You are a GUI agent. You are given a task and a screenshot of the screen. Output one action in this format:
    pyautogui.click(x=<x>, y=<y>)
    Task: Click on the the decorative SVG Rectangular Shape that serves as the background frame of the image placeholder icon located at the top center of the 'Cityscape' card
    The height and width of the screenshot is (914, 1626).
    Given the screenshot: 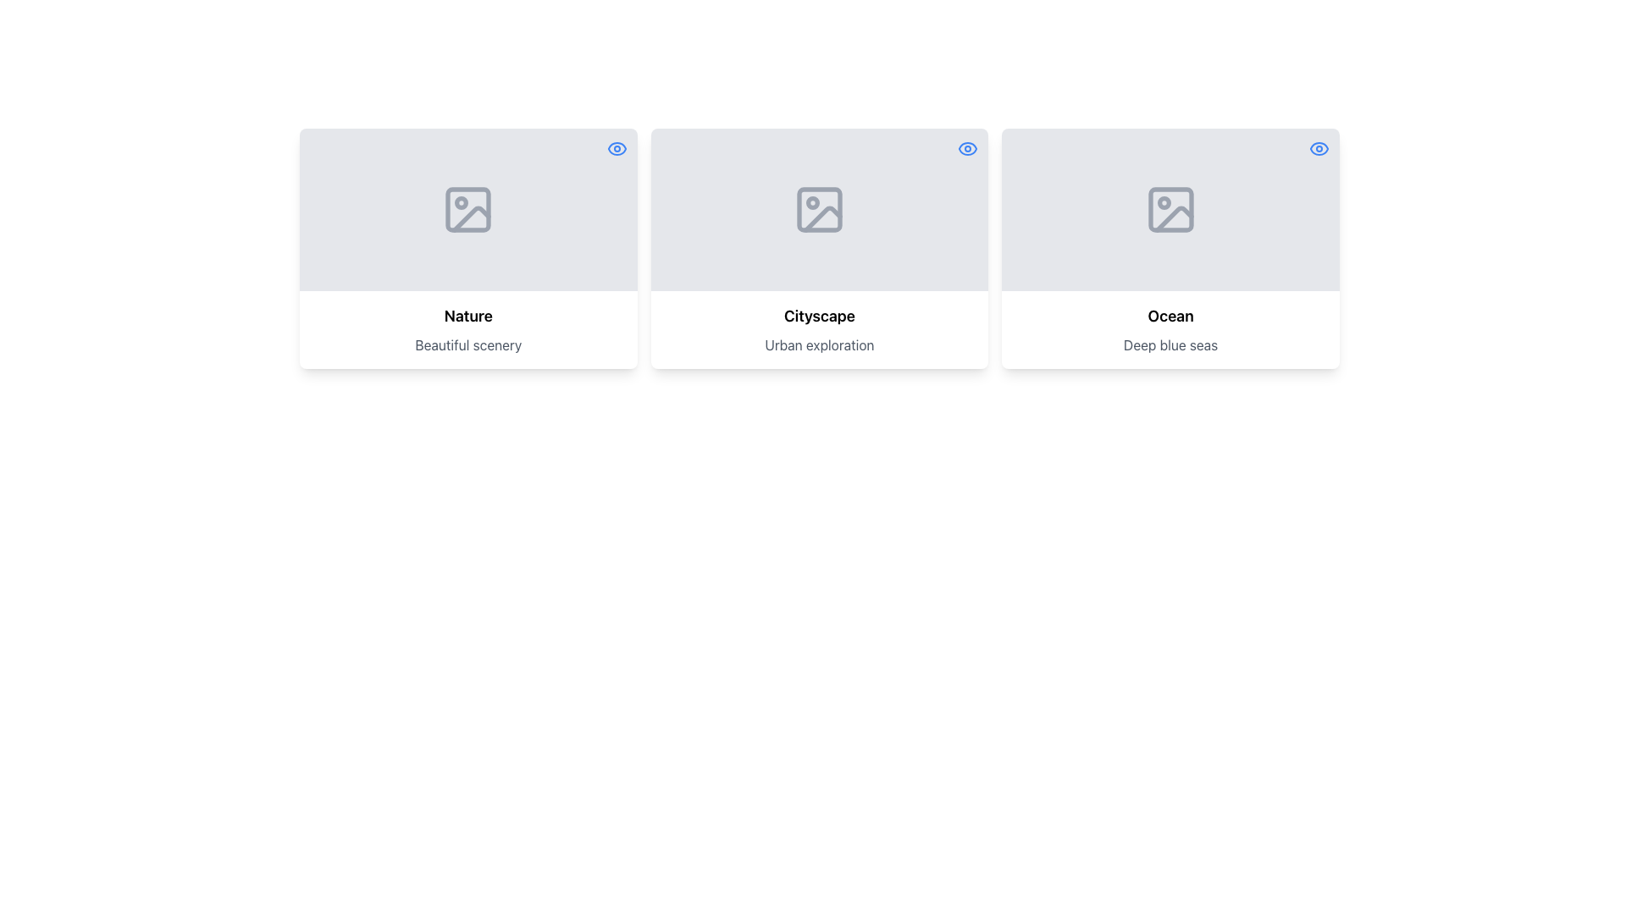 What is the action you would take?
    pyautogui.click(x=820, y=208)
    